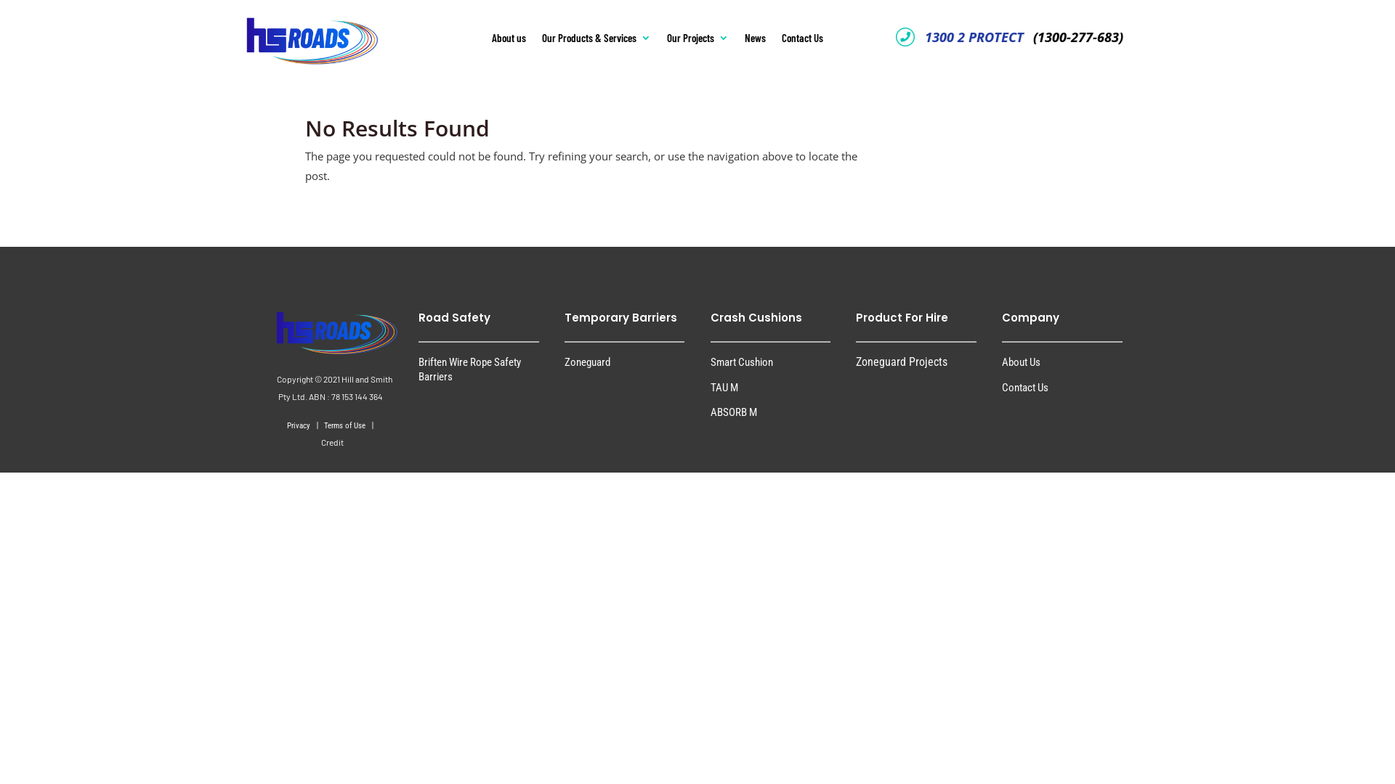 The width and height of the screenshot is (1395, 784). I want to click on 'Contact Us', so click(780, 40).